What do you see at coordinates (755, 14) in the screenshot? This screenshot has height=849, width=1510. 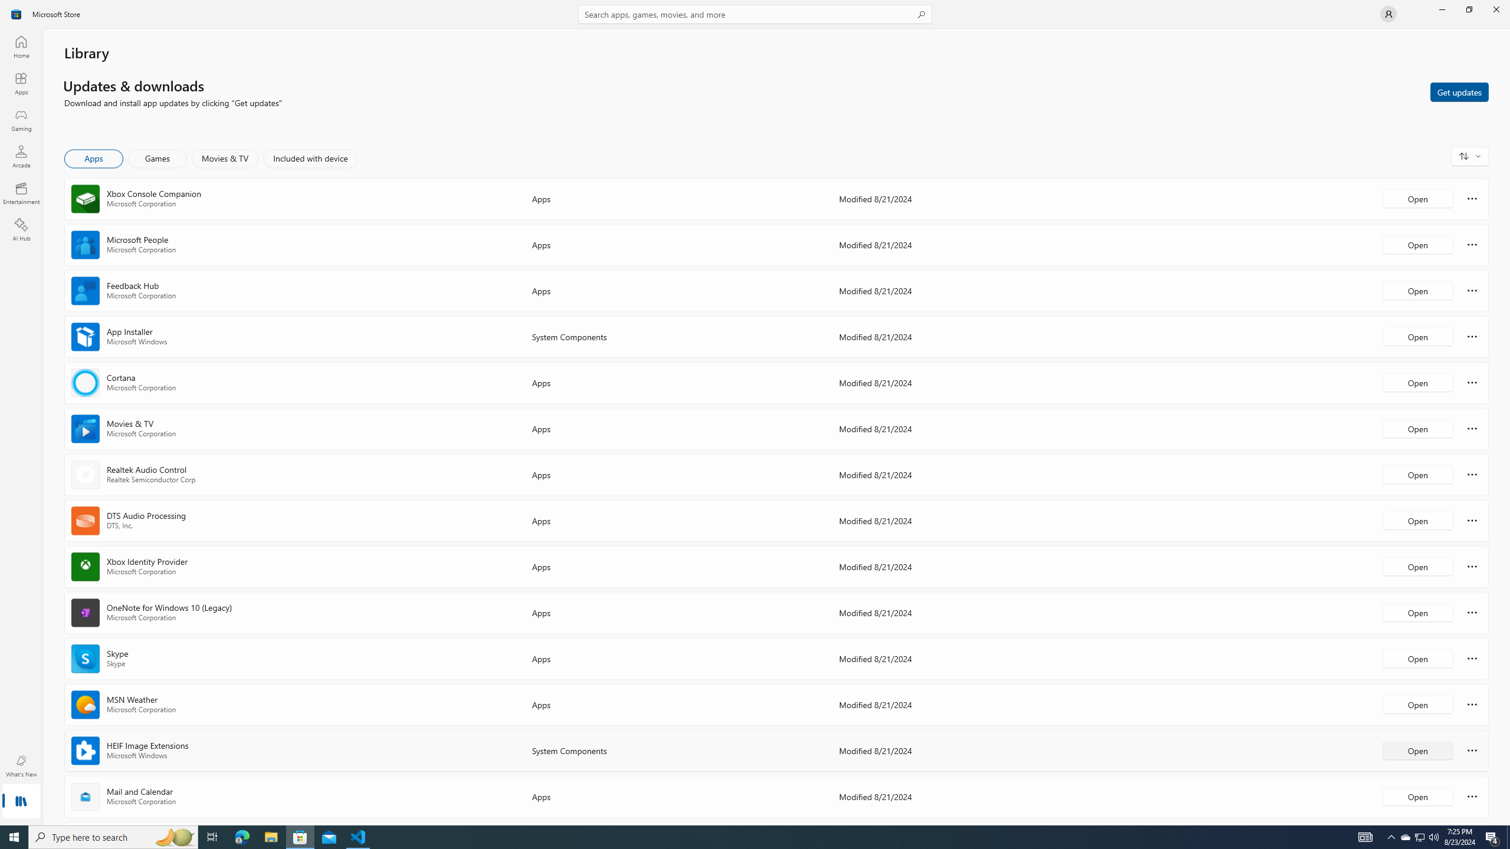 I see `'Search'` at bounding box center [755, 14].